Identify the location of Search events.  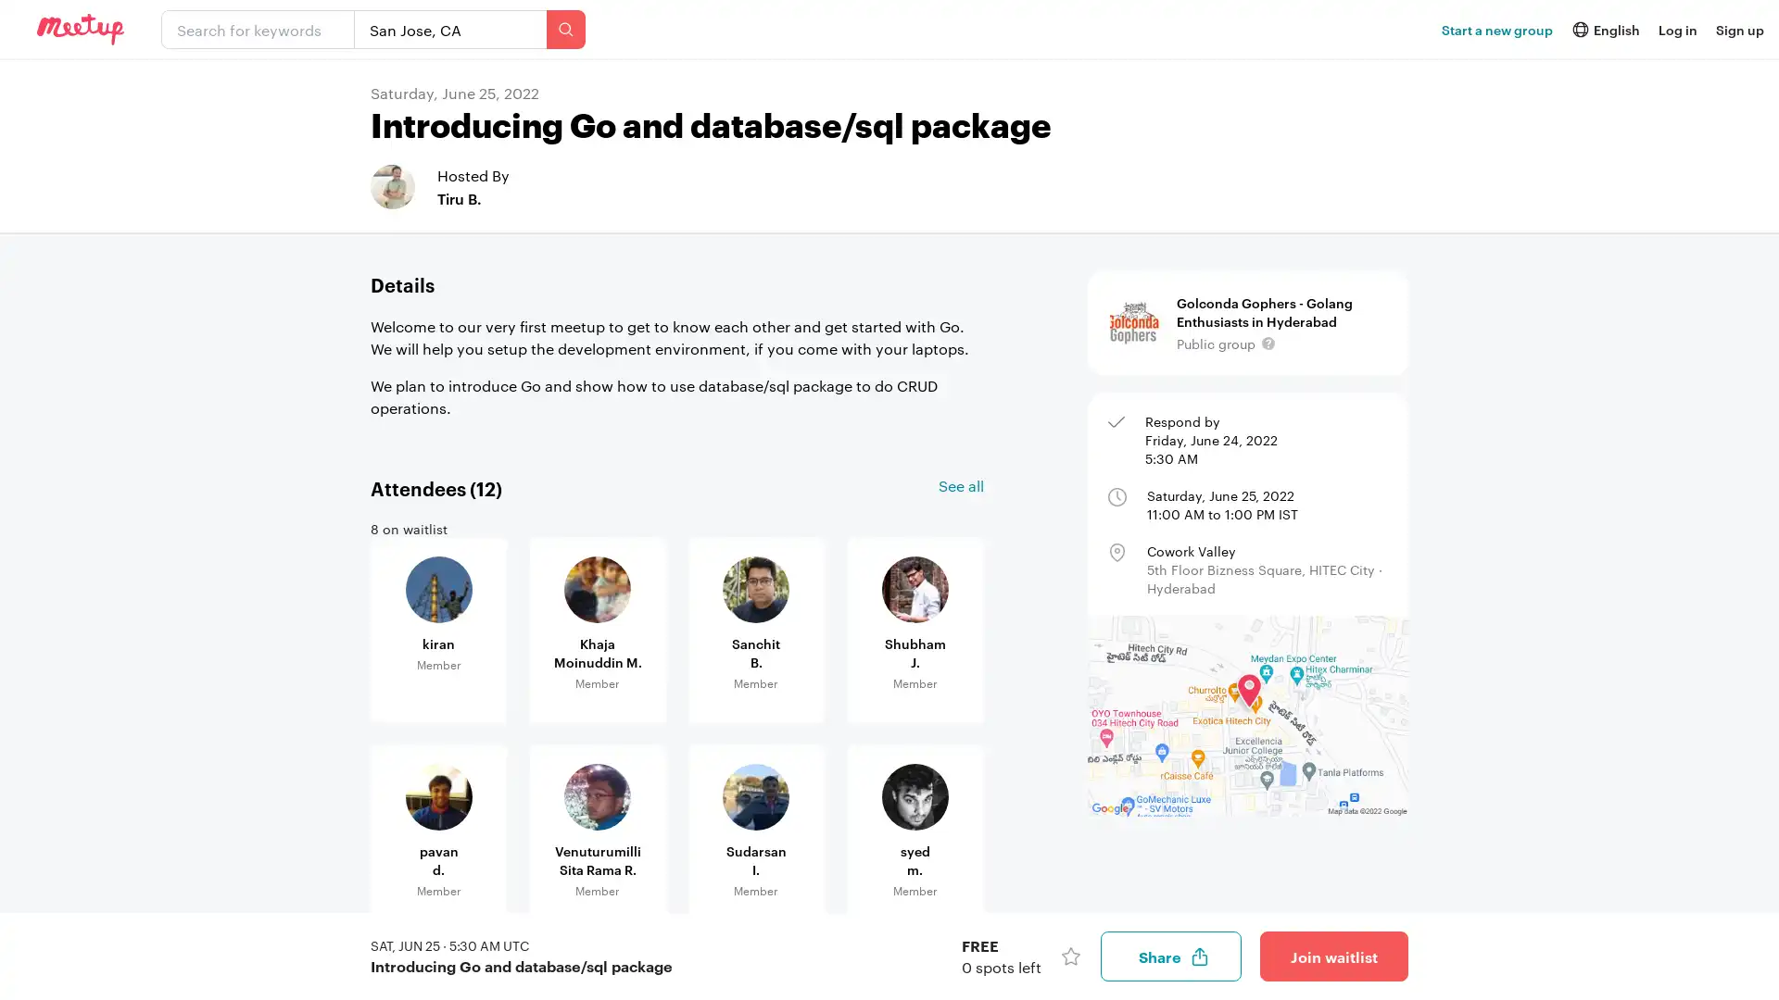
(564, 29).